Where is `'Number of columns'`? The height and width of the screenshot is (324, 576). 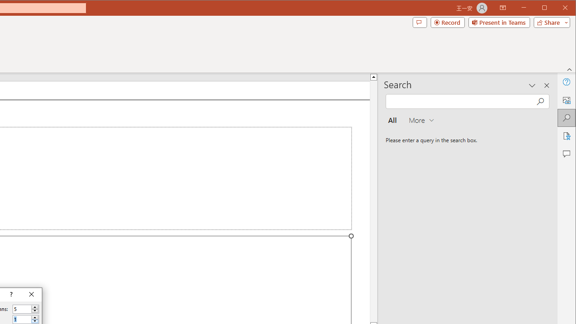 'Number of columns' is located at coordinates (26, 308).